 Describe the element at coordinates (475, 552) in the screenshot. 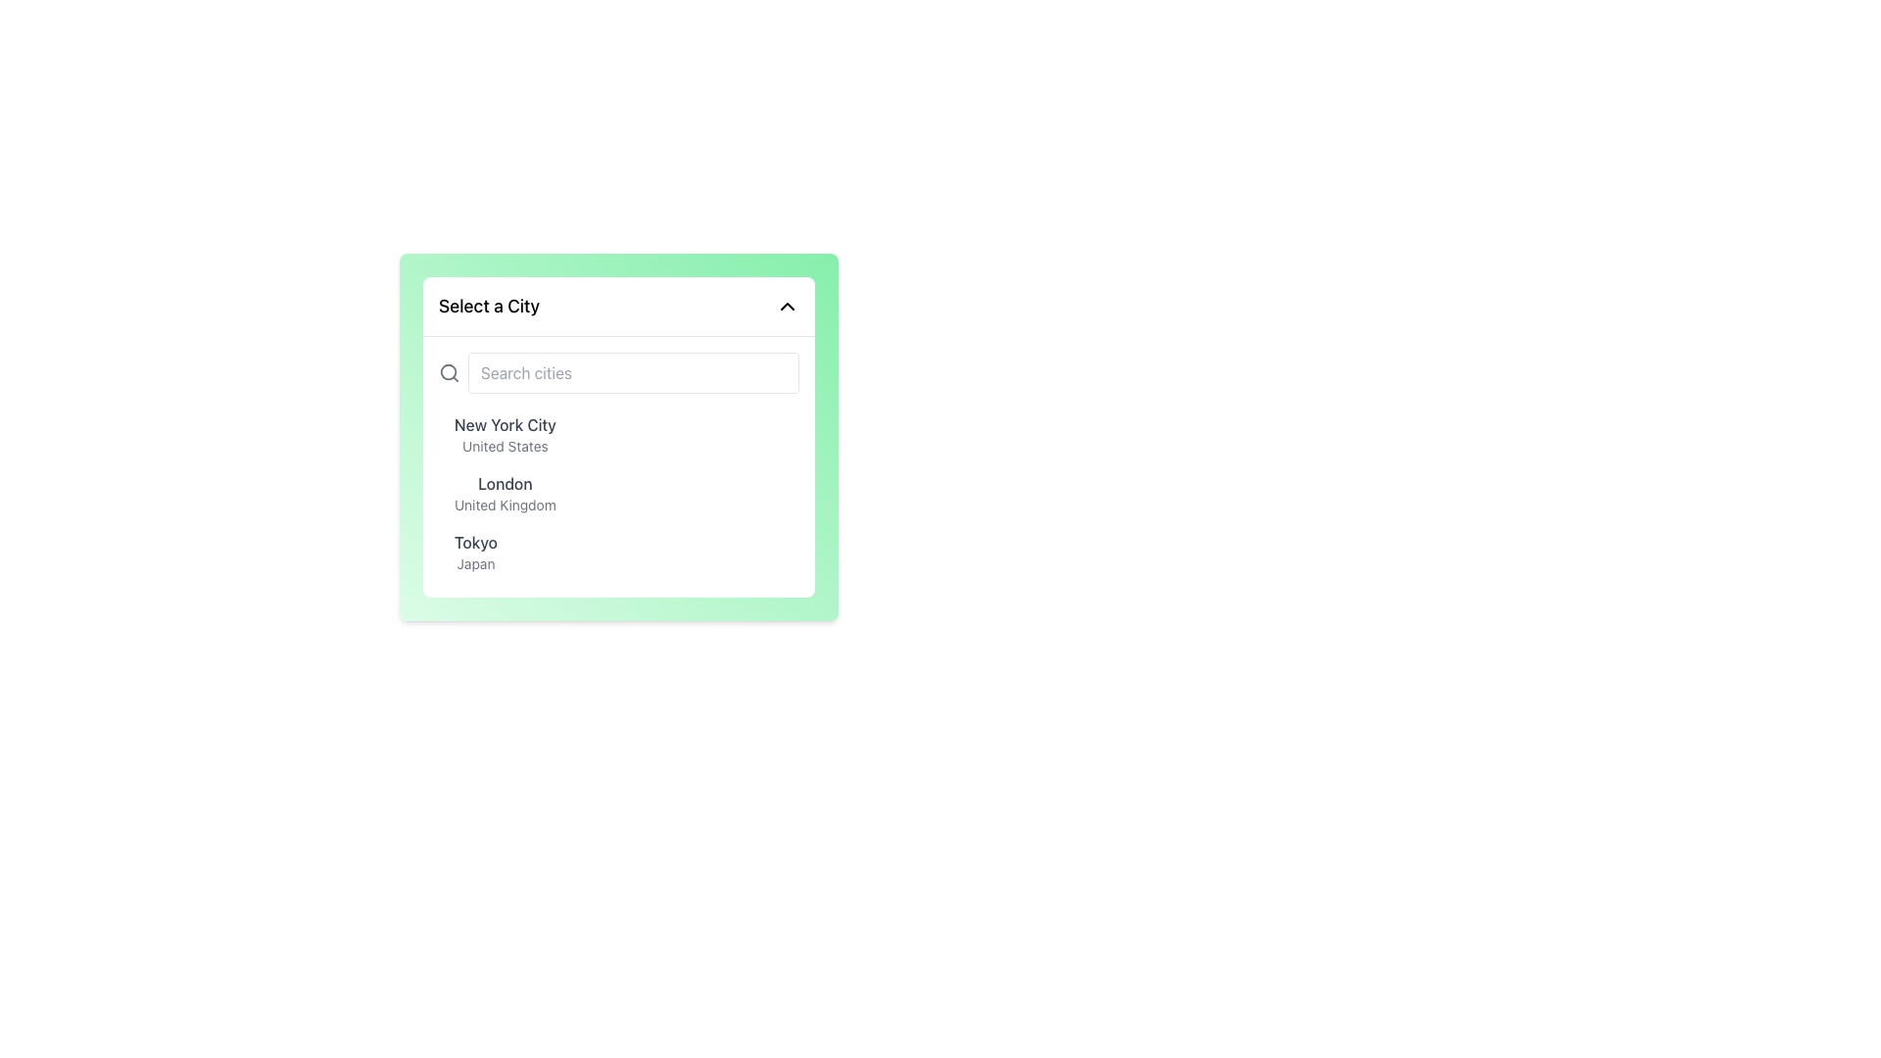

I see `the 'Tokyo' city selection option in the dropdown menu under 'Select a City'` at that location.